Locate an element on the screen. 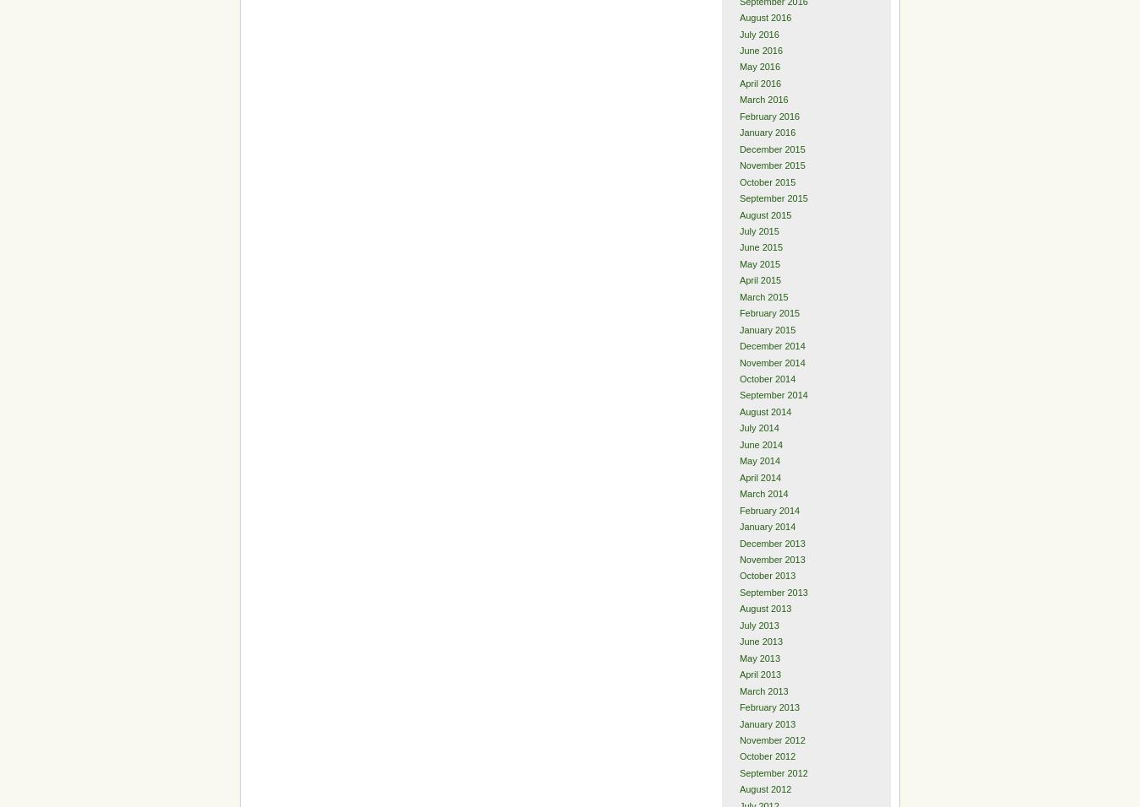 Image resolution: width=1140 pixels, height=807 pixels. 'October 2015' is located at coordinates (766, 181).